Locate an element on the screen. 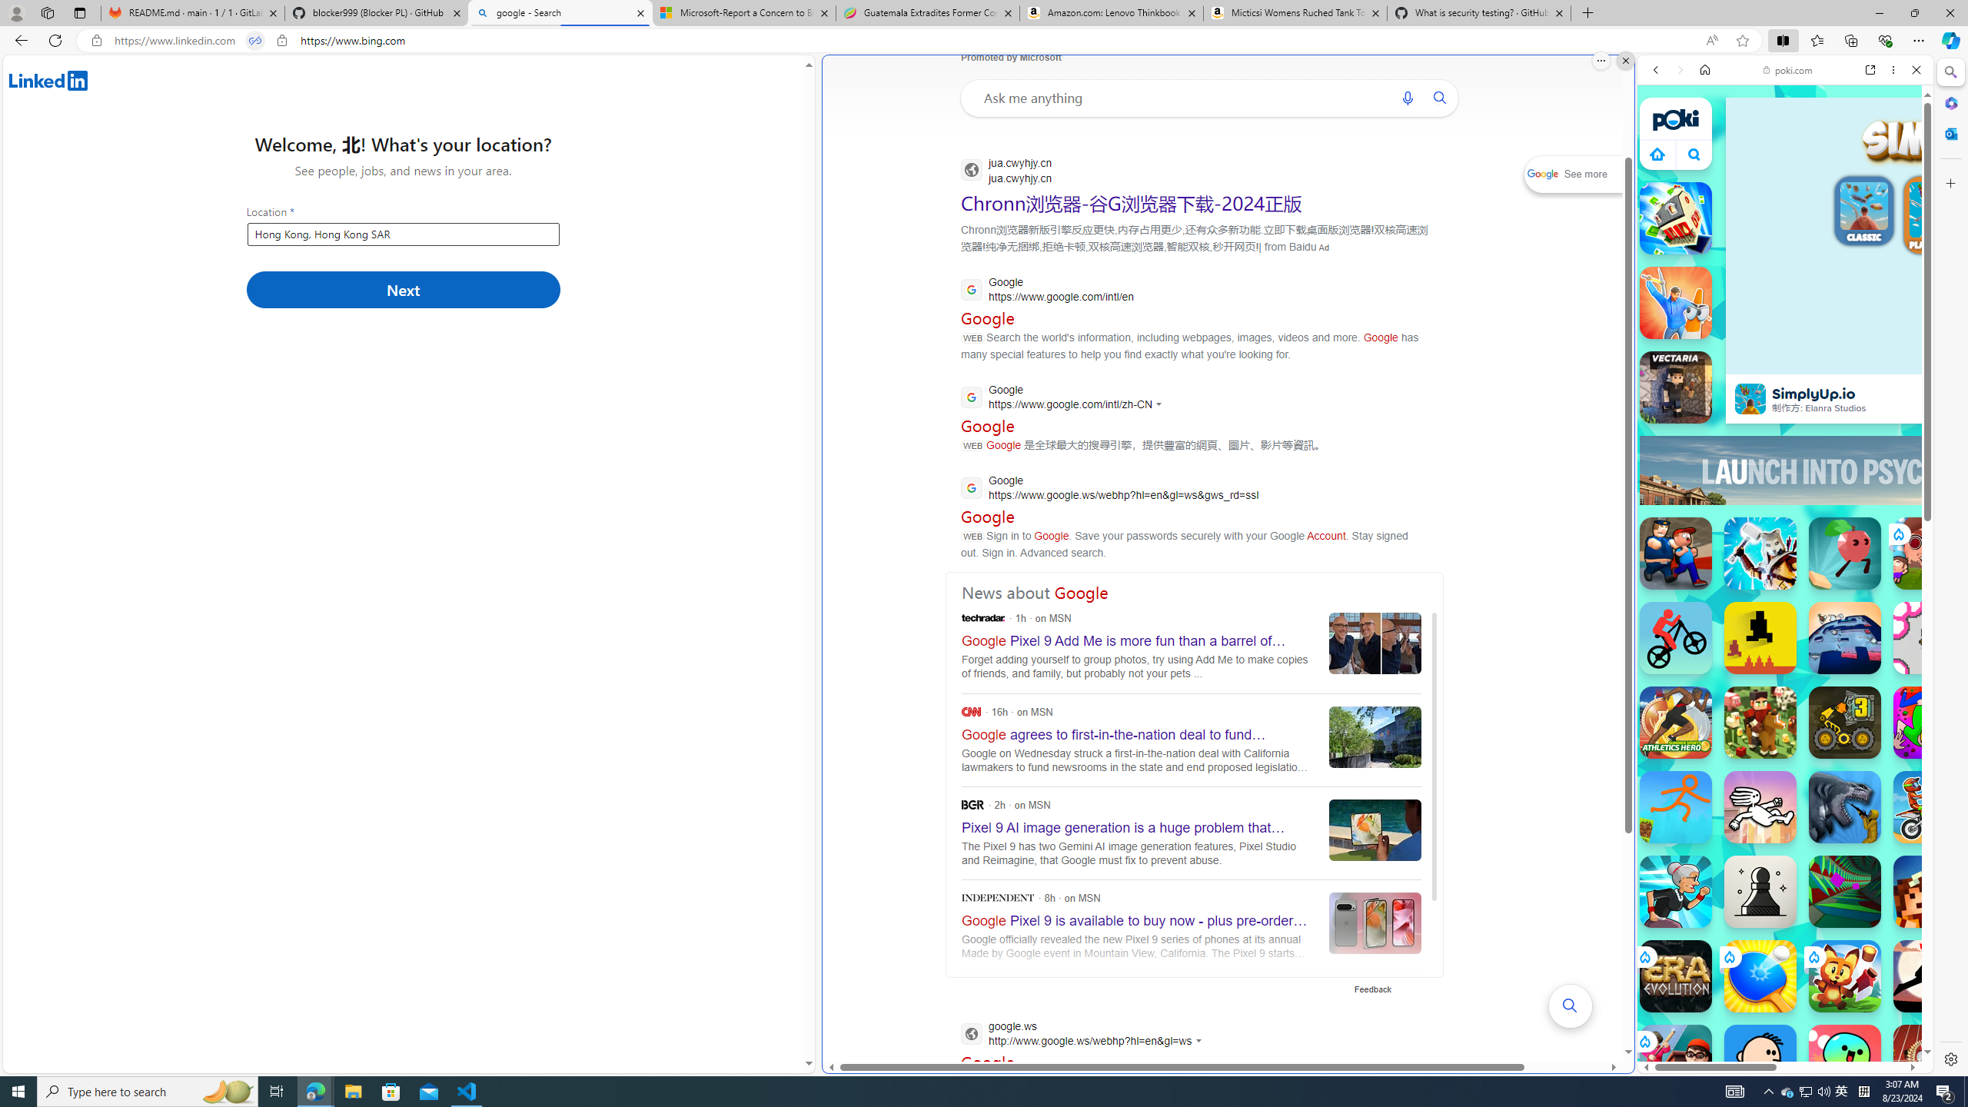 This screenshot has height=1107, width=1968. 'Class: B_5ykBA46kDOxiz_R9wm' is located at coordinates (1694, 153).